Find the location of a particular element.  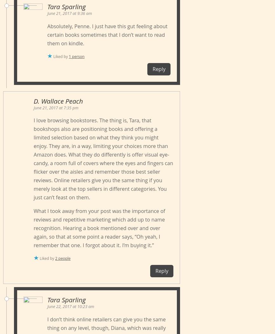

'June 22, 2017 at 10:23 am' is located at coordinates (70, 306).